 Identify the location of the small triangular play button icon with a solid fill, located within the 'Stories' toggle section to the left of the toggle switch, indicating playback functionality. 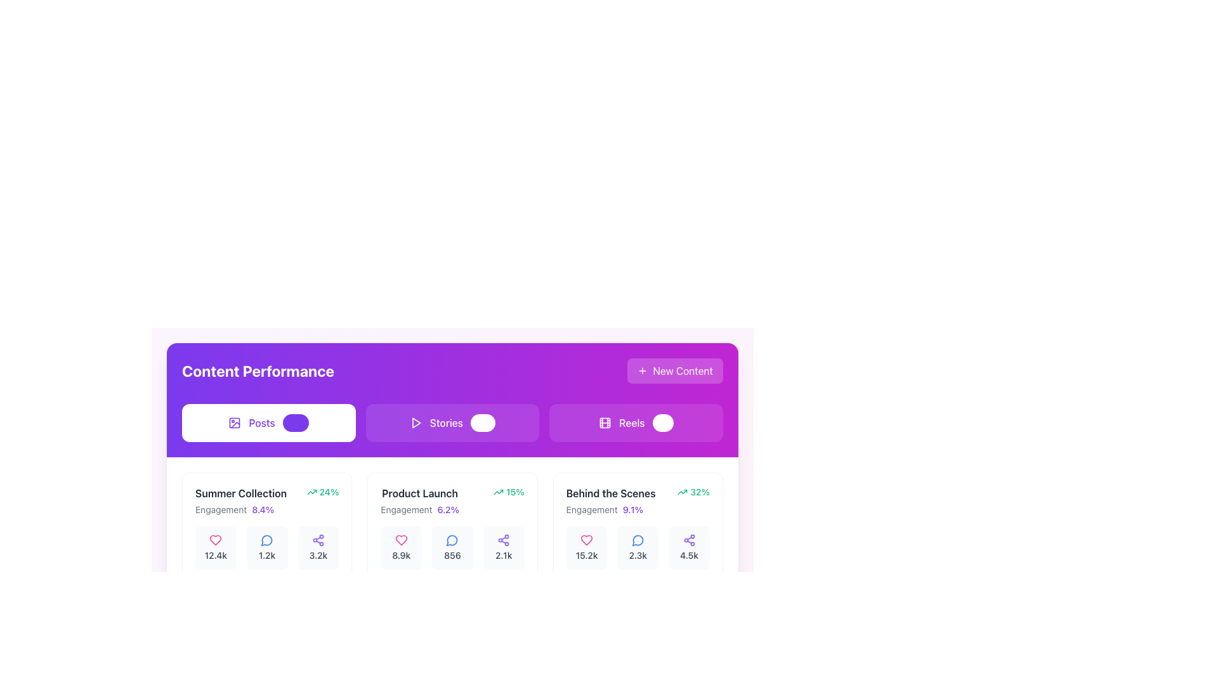
(416, 423).